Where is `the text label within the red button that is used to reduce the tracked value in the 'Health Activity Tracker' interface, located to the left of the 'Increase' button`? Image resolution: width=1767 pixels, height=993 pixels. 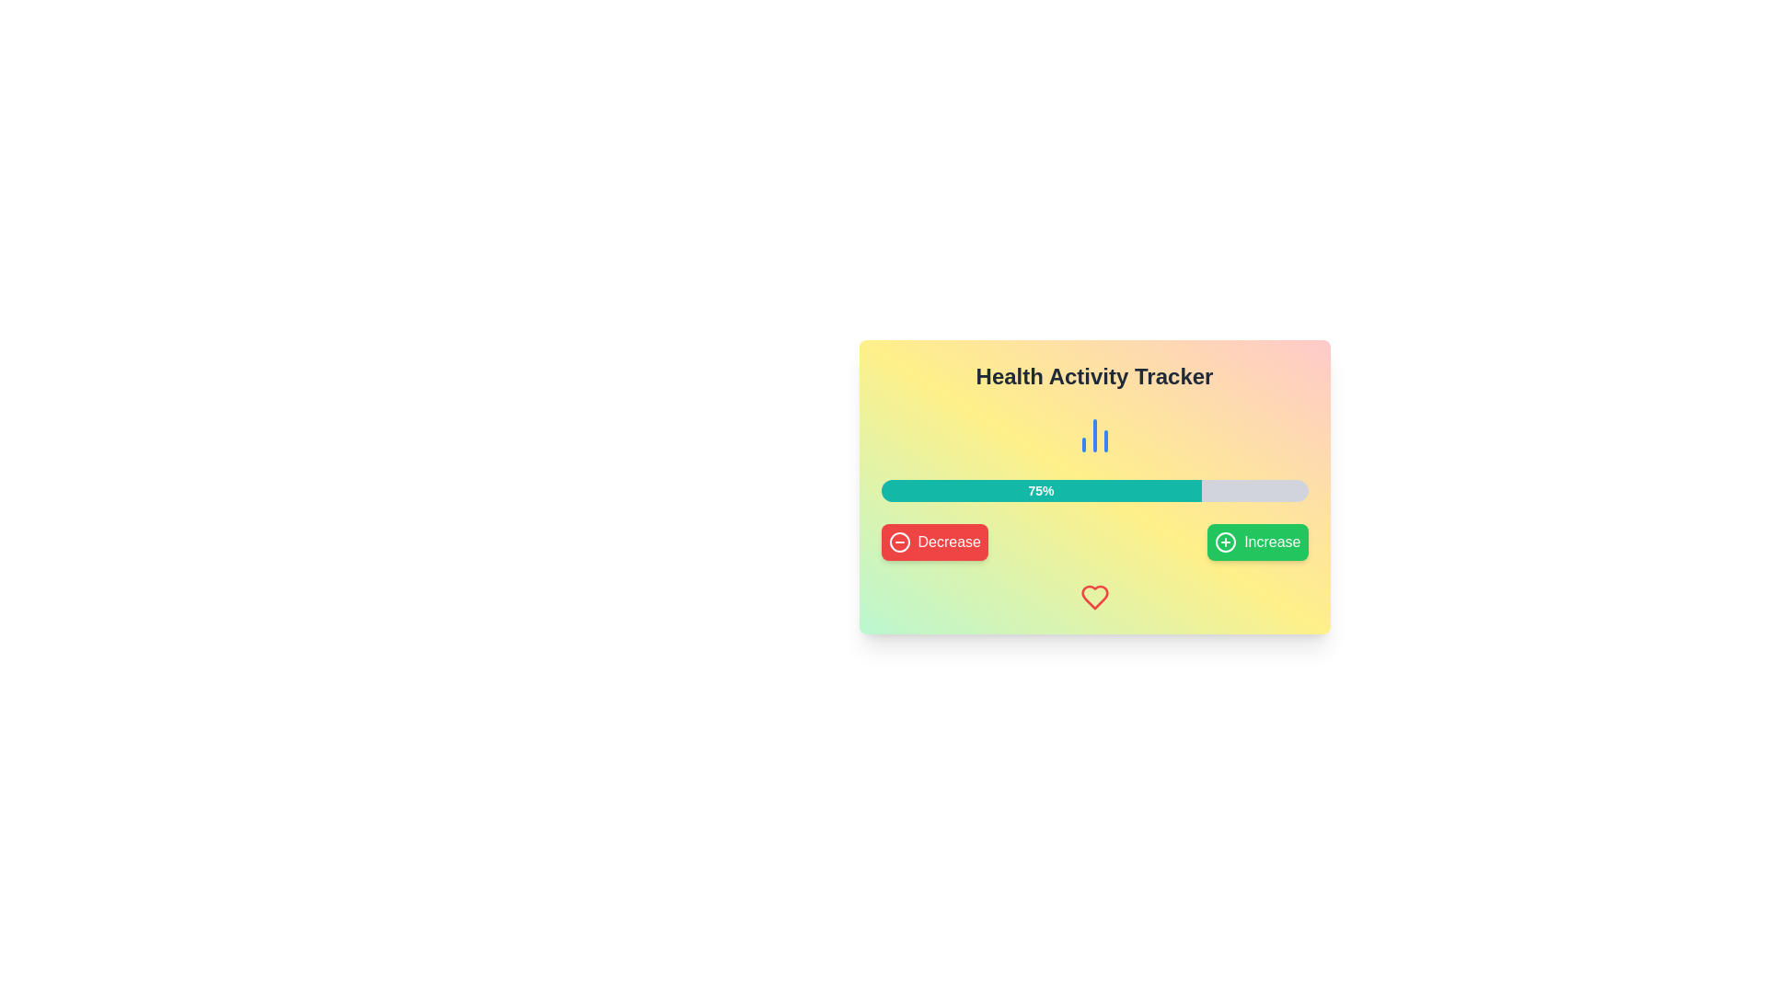 the text label within the red button that is used to reduce the tracked value in the 'Health Activity Tracker' interface, located to the left of the 'Increase' button is located at coordinates (949, 542).